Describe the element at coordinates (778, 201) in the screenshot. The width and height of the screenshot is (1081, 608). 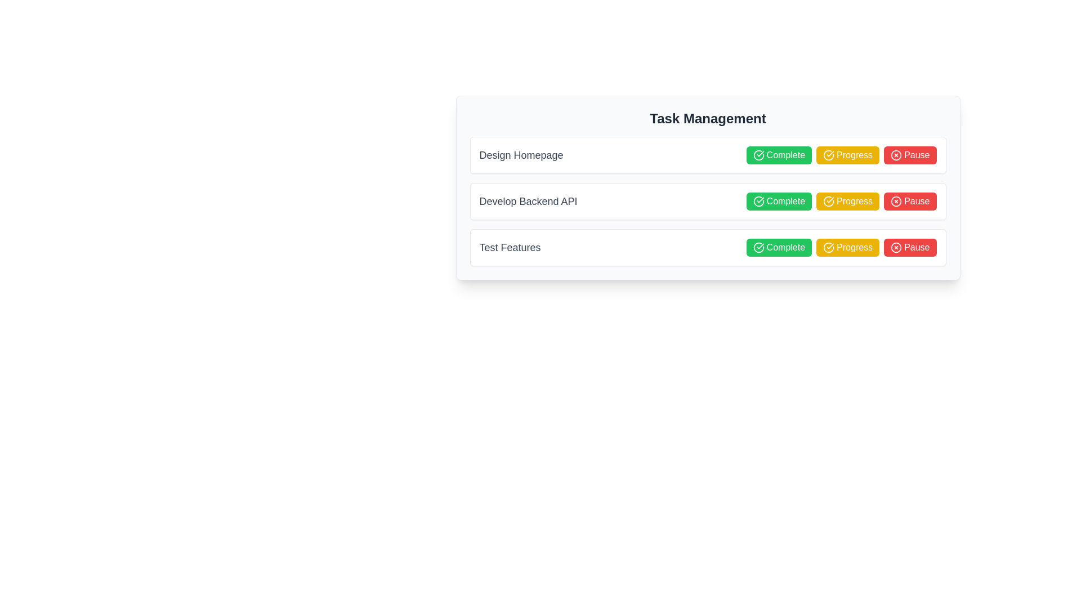
I see `the first button in the second row of task management buttons to change its color, which marks the task as completed` at that location.